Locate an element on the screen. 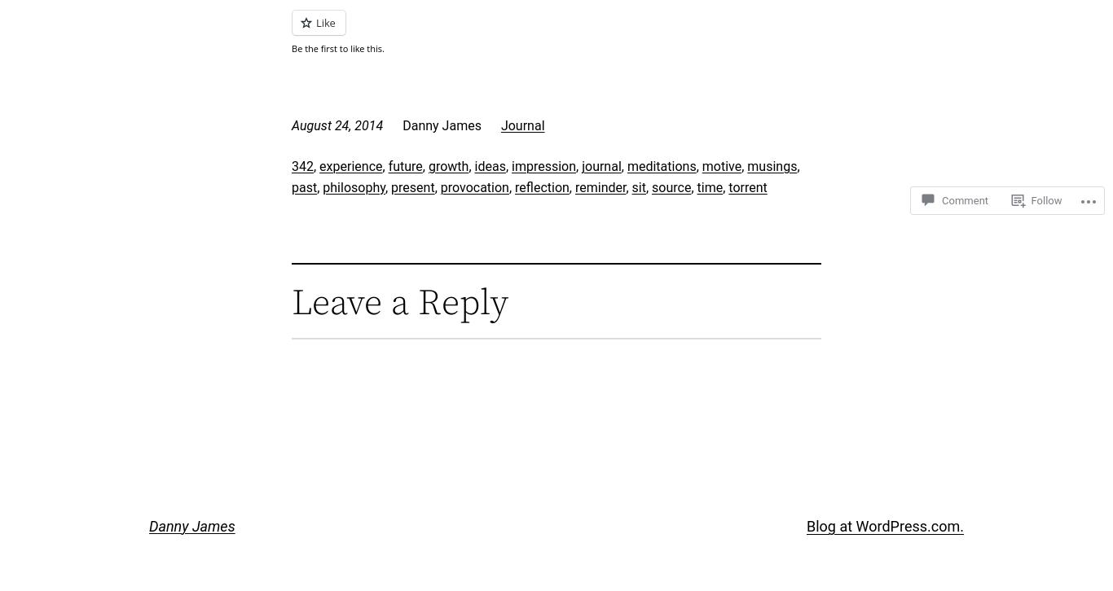 This screenshot has height=591, width=1113. 'philosophy' is located at coordinates (352, 186).